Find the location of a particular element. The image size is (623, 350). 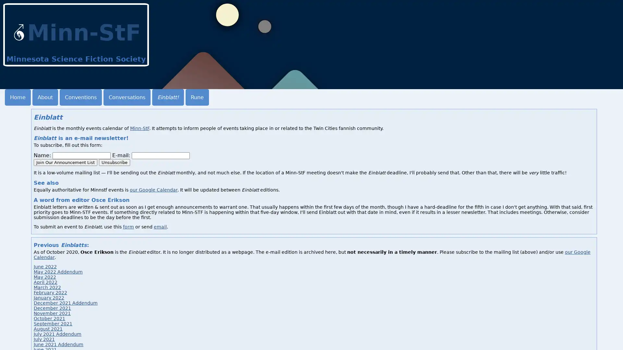

Unsubscribe is located at coordinates (115, 162).